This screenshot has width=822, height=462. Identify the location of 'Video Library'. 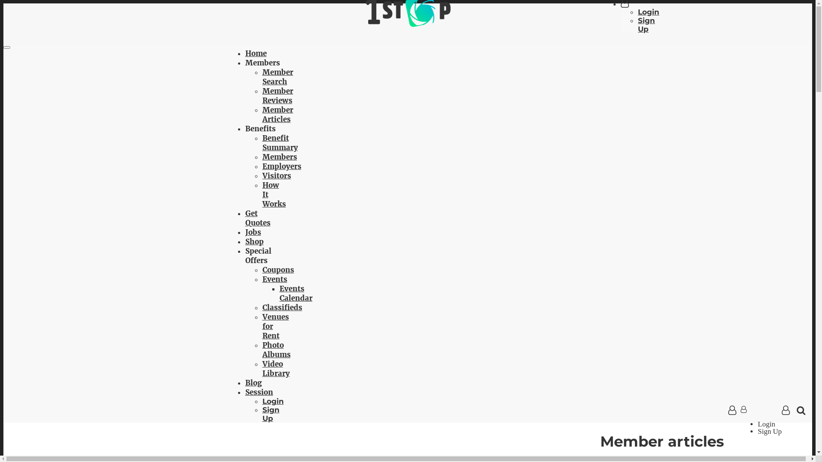
(275, 368).